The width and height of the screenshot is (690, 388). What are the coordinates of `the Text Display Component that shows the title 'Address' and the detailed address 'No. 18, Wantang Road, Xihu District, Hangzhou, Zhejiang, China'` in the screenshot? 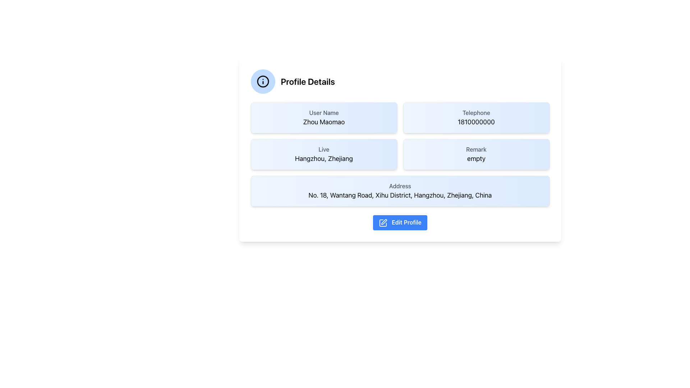 It's located at (400, 191).